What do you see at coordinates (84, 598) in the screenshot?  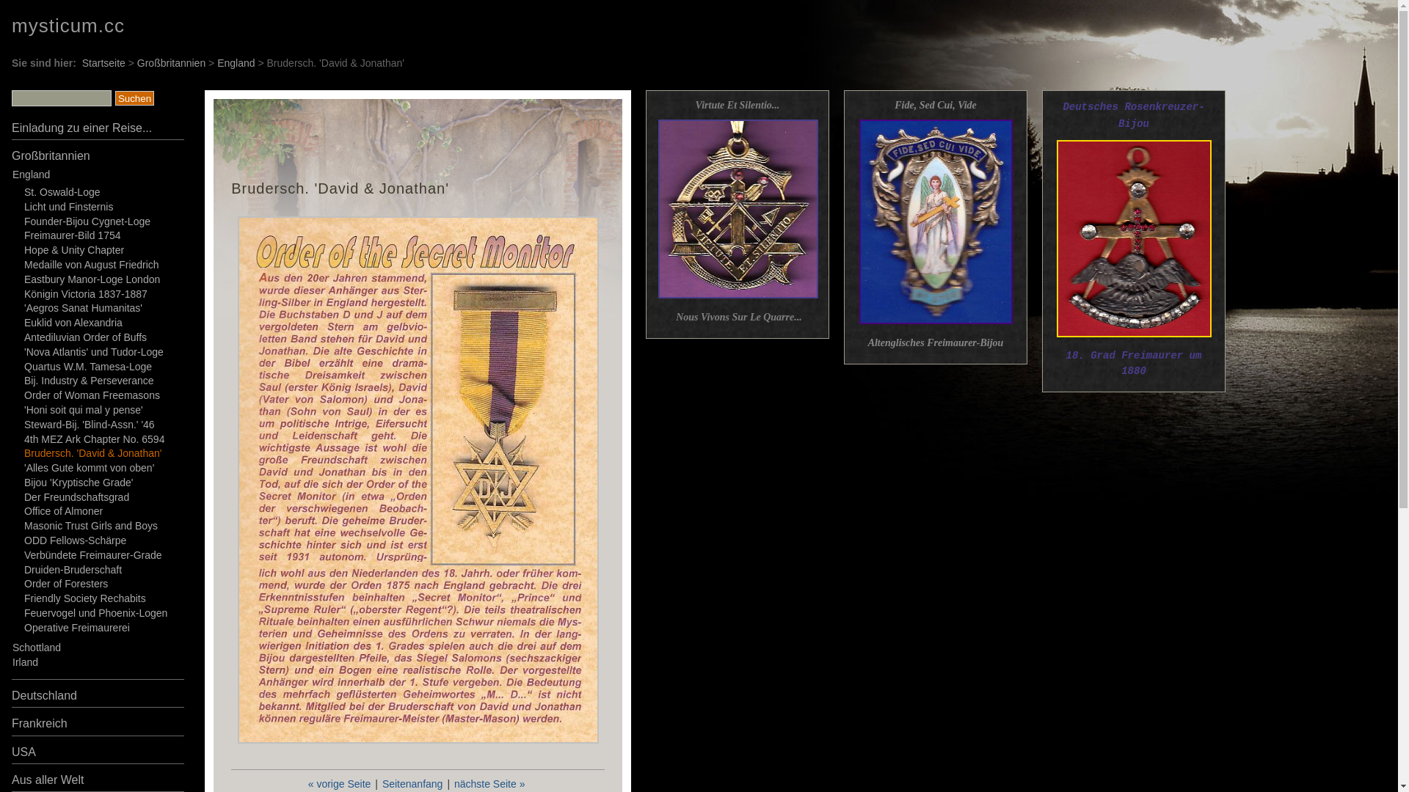 I see `'Friendly Society Rechabits'` at bounding box center [84, 598].